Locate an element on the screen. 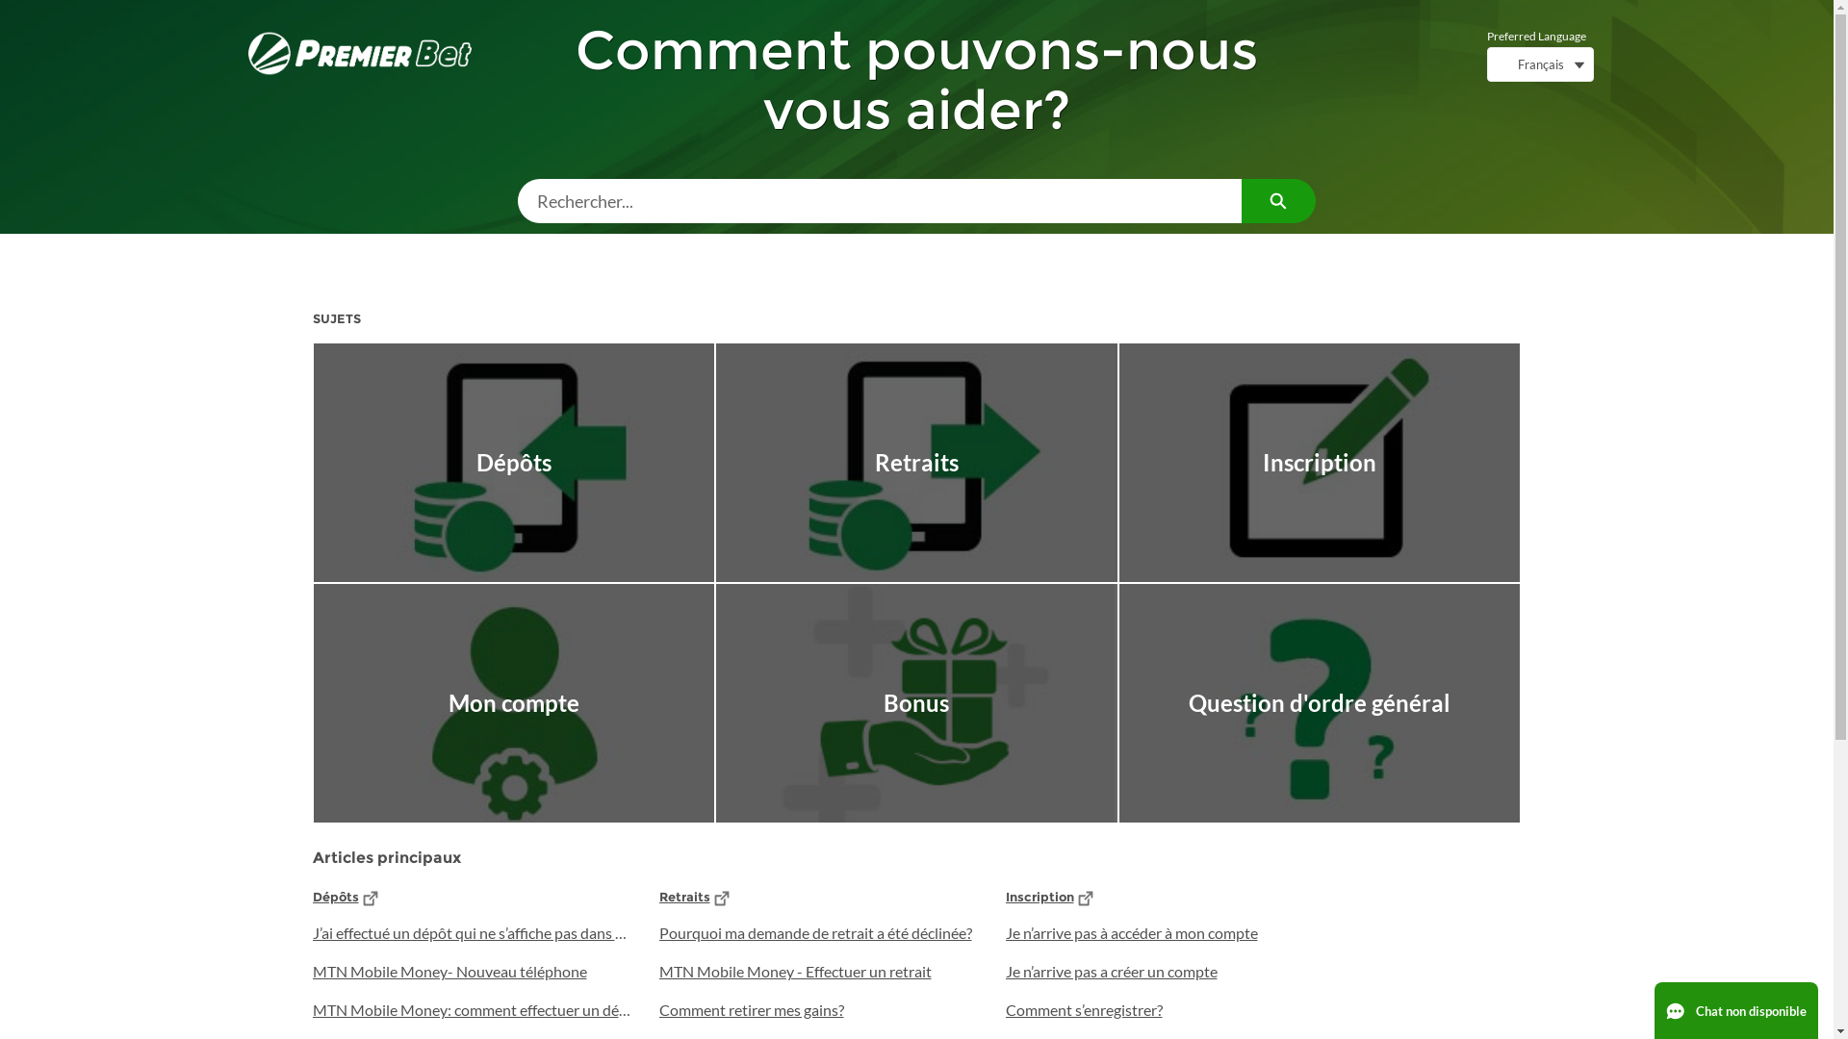 The width and height of the screenshot is (1848, 1039). 'Comment retirer mes gains?' is located at coordinates (817, 1008).